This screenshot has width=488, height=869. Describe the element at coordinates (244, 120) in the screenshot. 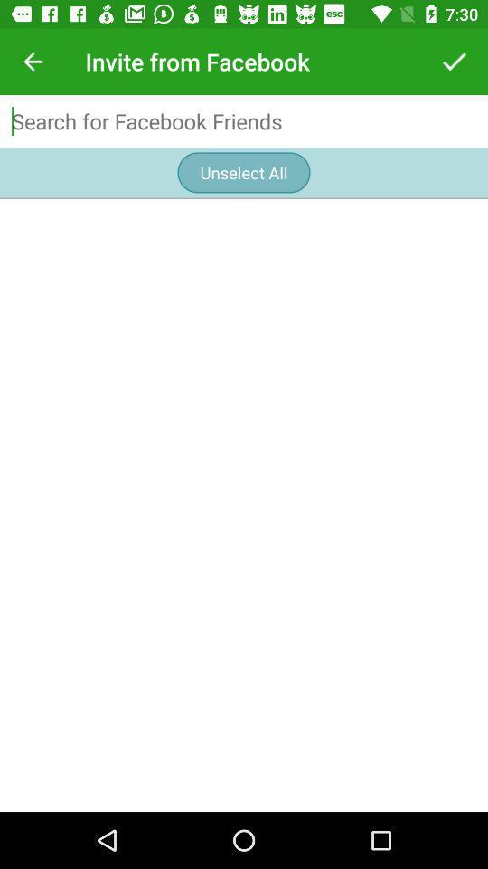

I see `the item above the unselect all icon` at that location.